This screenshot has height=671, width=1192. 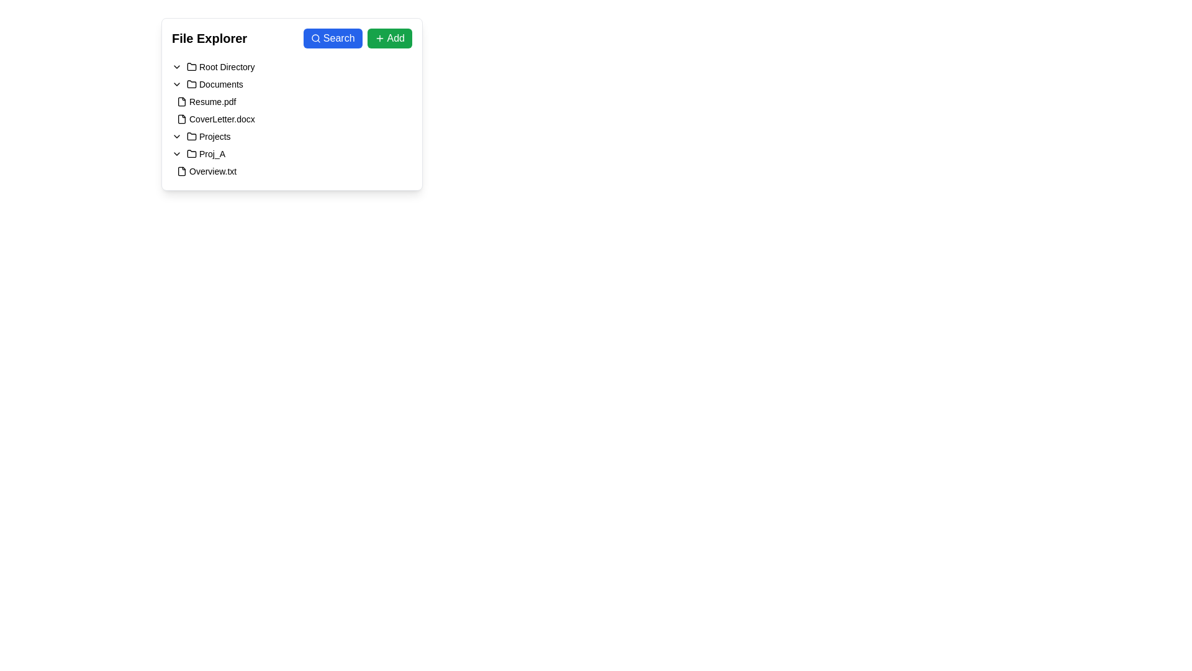 What do you see at coordinates (191, 84) in the screenshot?
I see `small folder icon located to the left of the 'Documents' text label within the grouped UI structure` at bounding box center [191, 84].